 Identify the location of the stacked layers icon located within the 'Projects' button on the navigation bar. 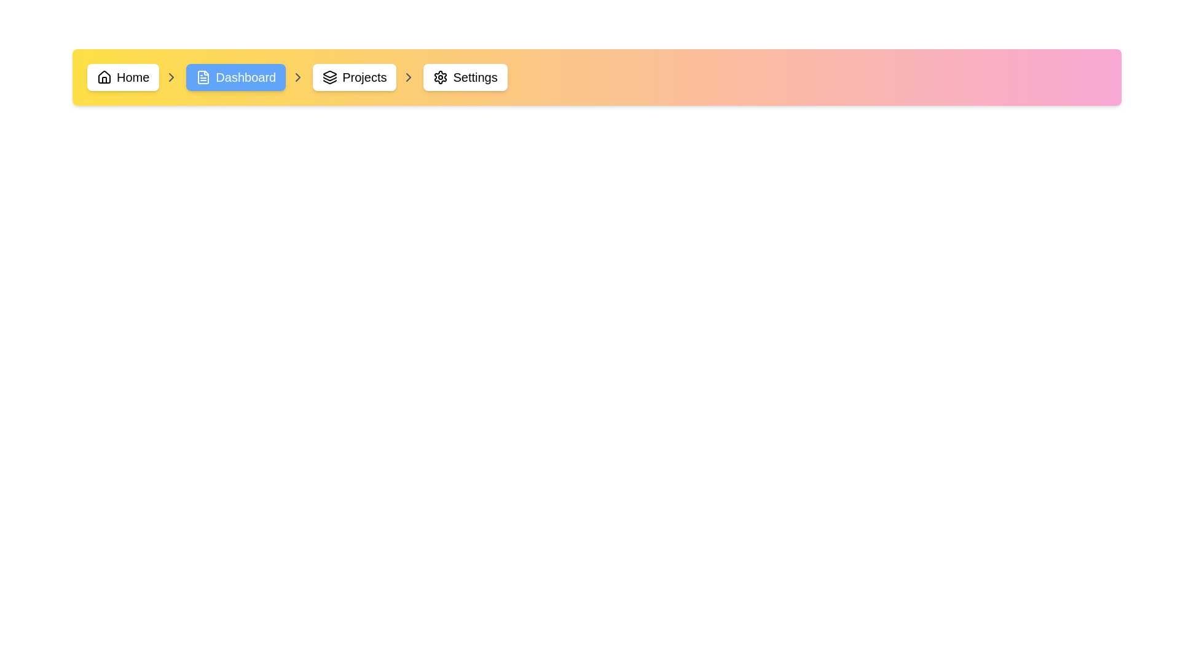
(330, 77).